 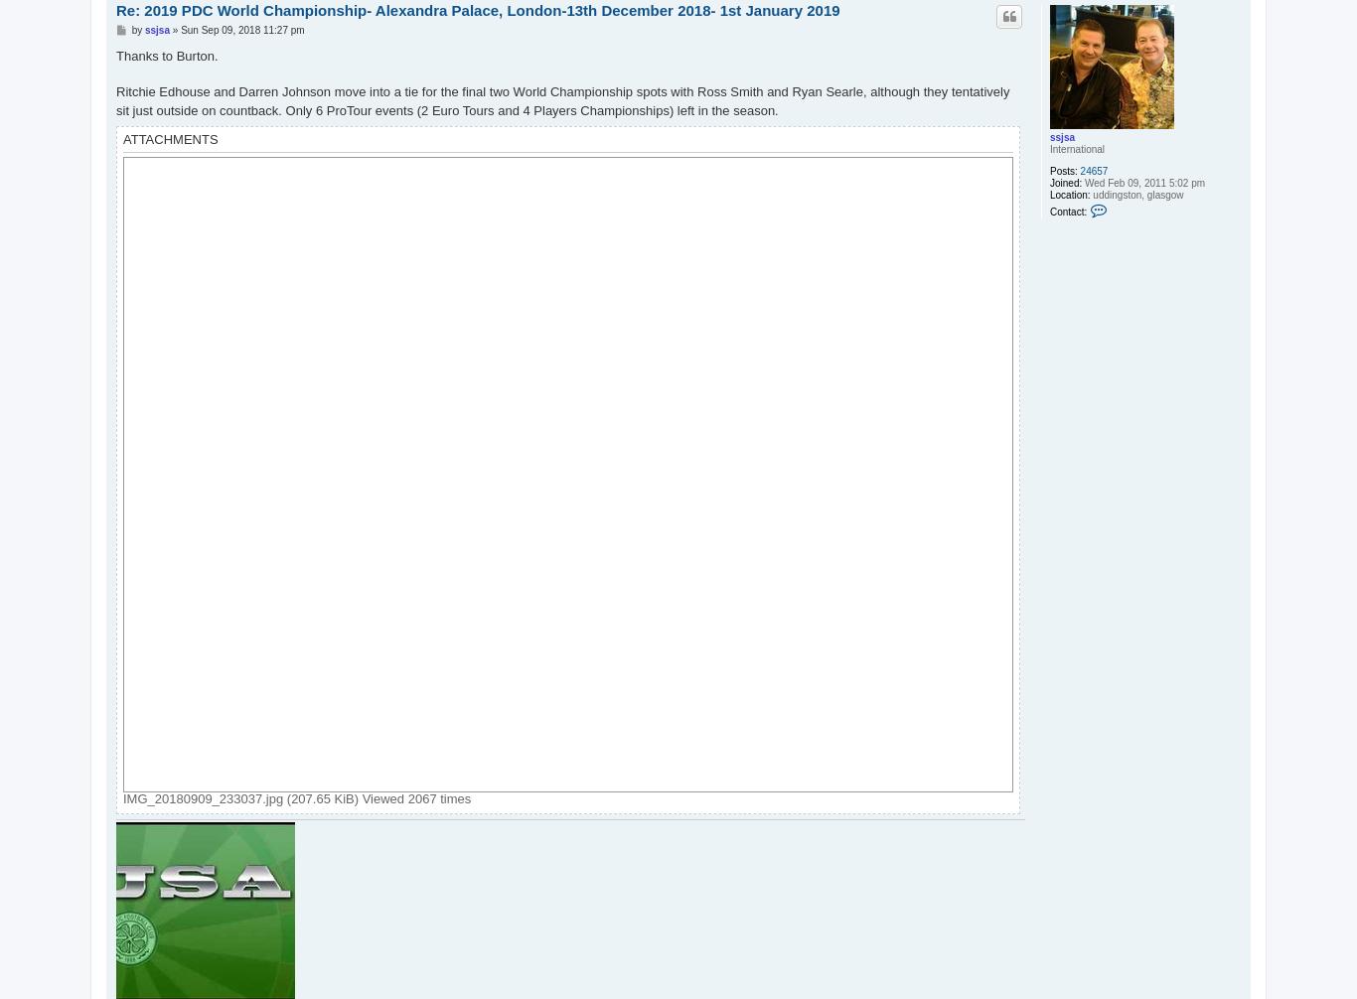 What do you see at coordinates (1068, 194) in the screenshot?
I see `'Location:'` at bounding box center [1068, 194].